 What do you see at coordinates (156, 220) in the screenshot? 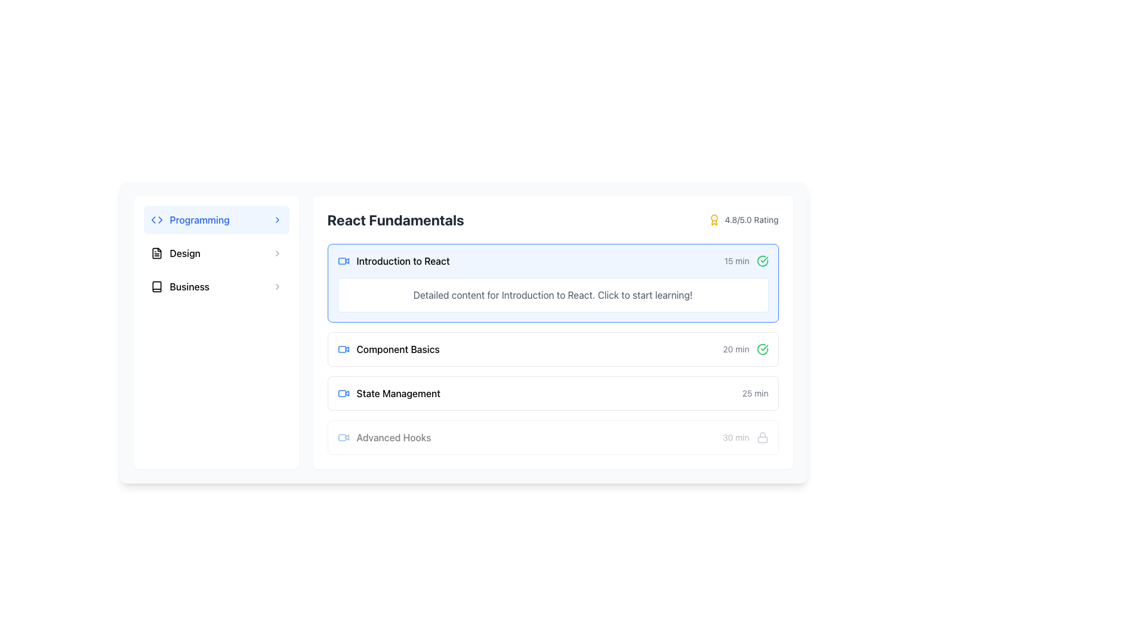
I see `the SVG icon representing the 'Programming' category, located in the left sidebar next to the 'Programming' text label` at bounding box center [156, 220].